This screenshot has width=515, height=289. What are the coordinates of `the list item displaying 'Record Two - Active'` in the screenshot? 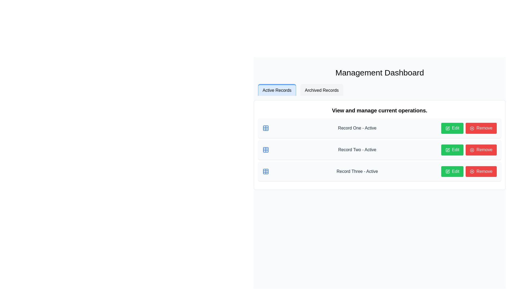 It's located at (379, 145).